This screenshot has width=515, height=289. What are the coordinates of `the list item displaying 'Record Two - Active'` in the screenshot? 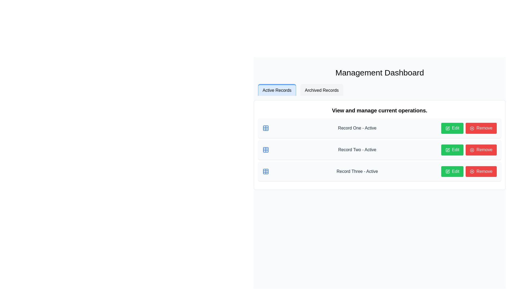 It's located at (379, 145).